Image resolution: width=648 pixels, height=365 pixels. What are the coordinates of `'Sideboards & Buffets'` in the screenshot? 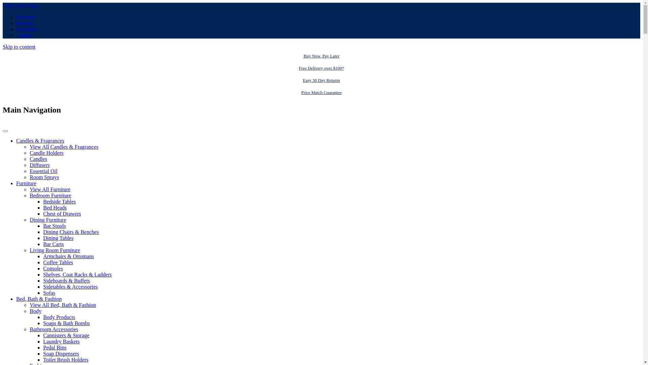 It's located at (66, 281).